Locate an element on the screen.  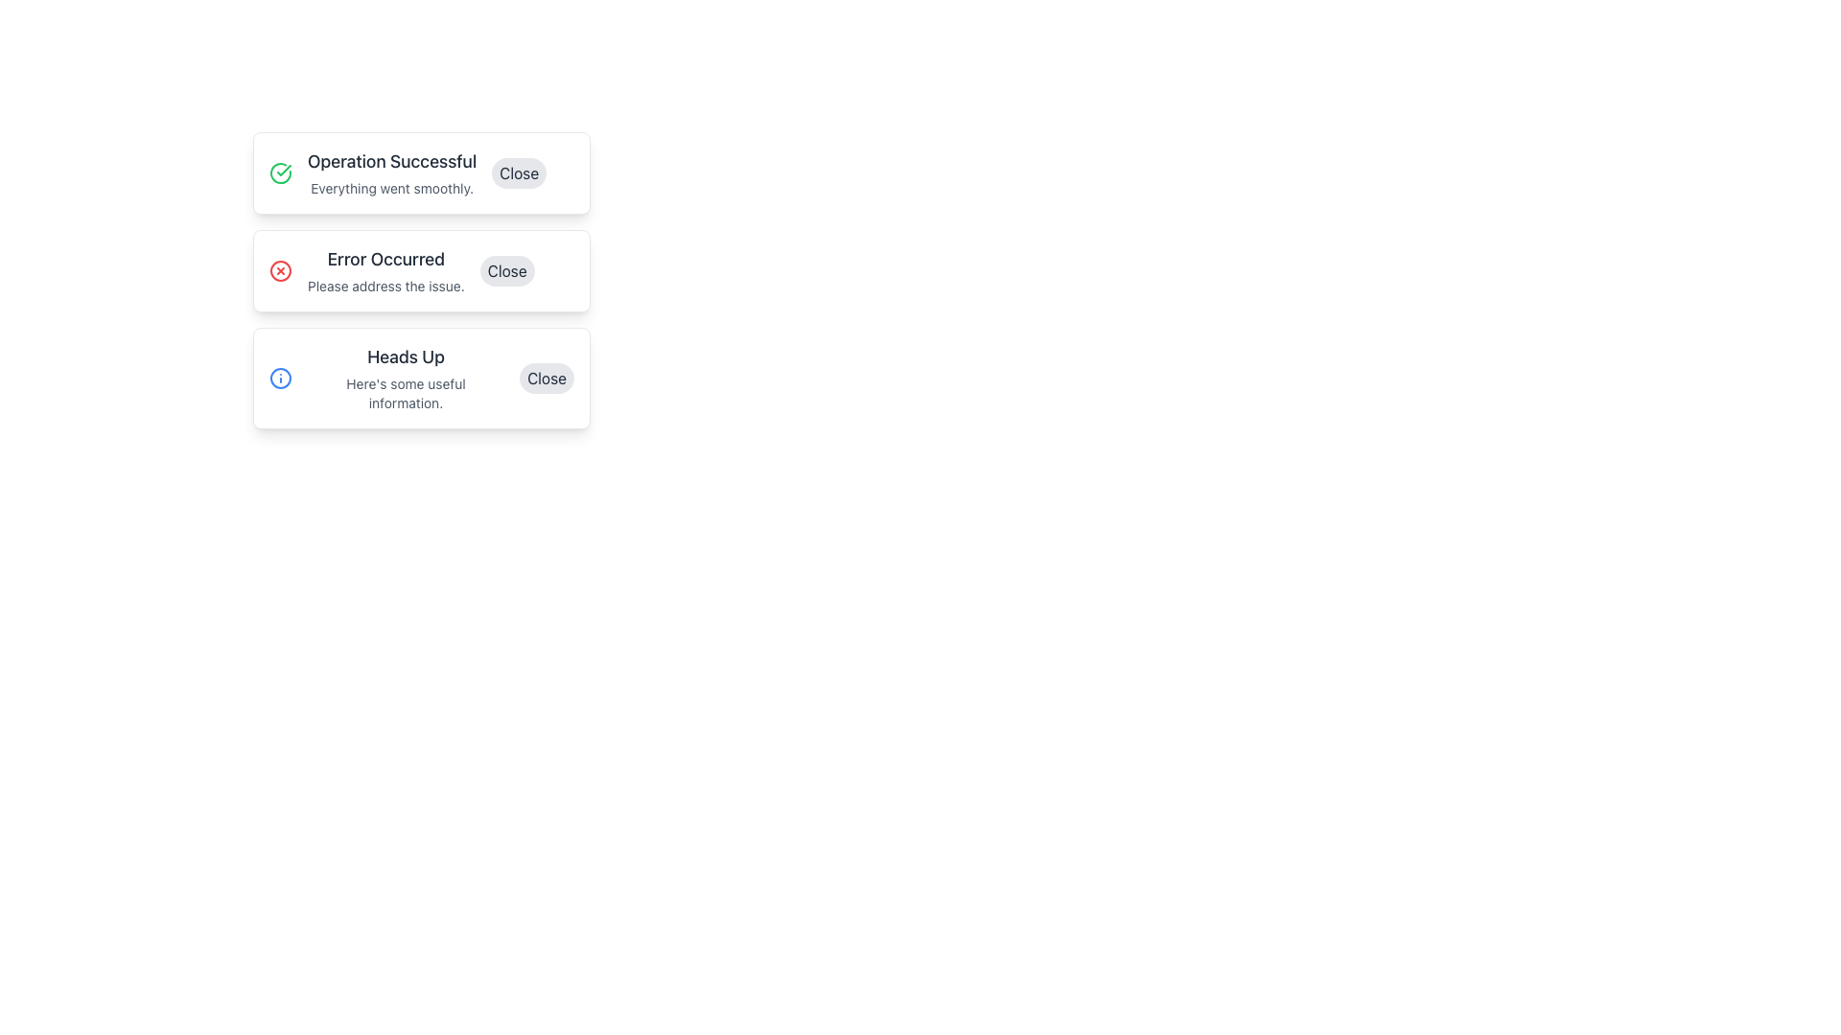
the descriptive message that provides additional details regarding the notification about the issue, which is located below the title 'Error Occurred' in the notification list is located at coordinates (385, 287).